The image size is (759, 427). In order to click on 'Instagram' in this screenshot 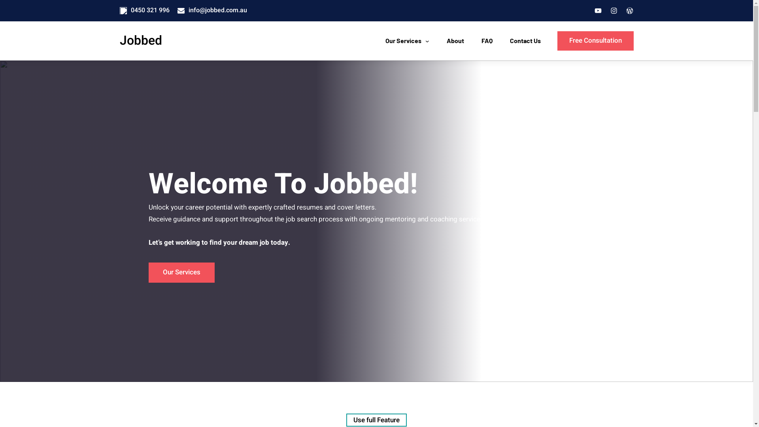, I will do `click(613, 11)`.